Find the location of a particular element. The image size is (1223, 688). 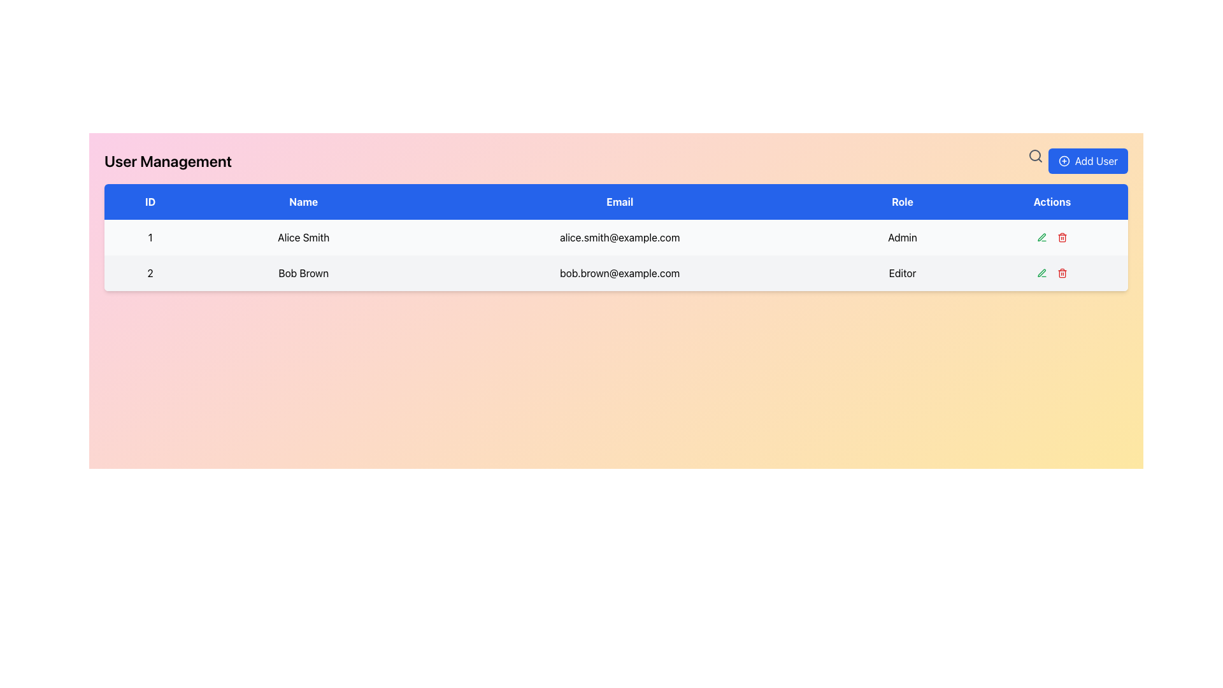

the 'Name' column header cell in the blue header row of the table, which is located between the 'ID' and 'Email' headers is located at coordinates (303, 201).